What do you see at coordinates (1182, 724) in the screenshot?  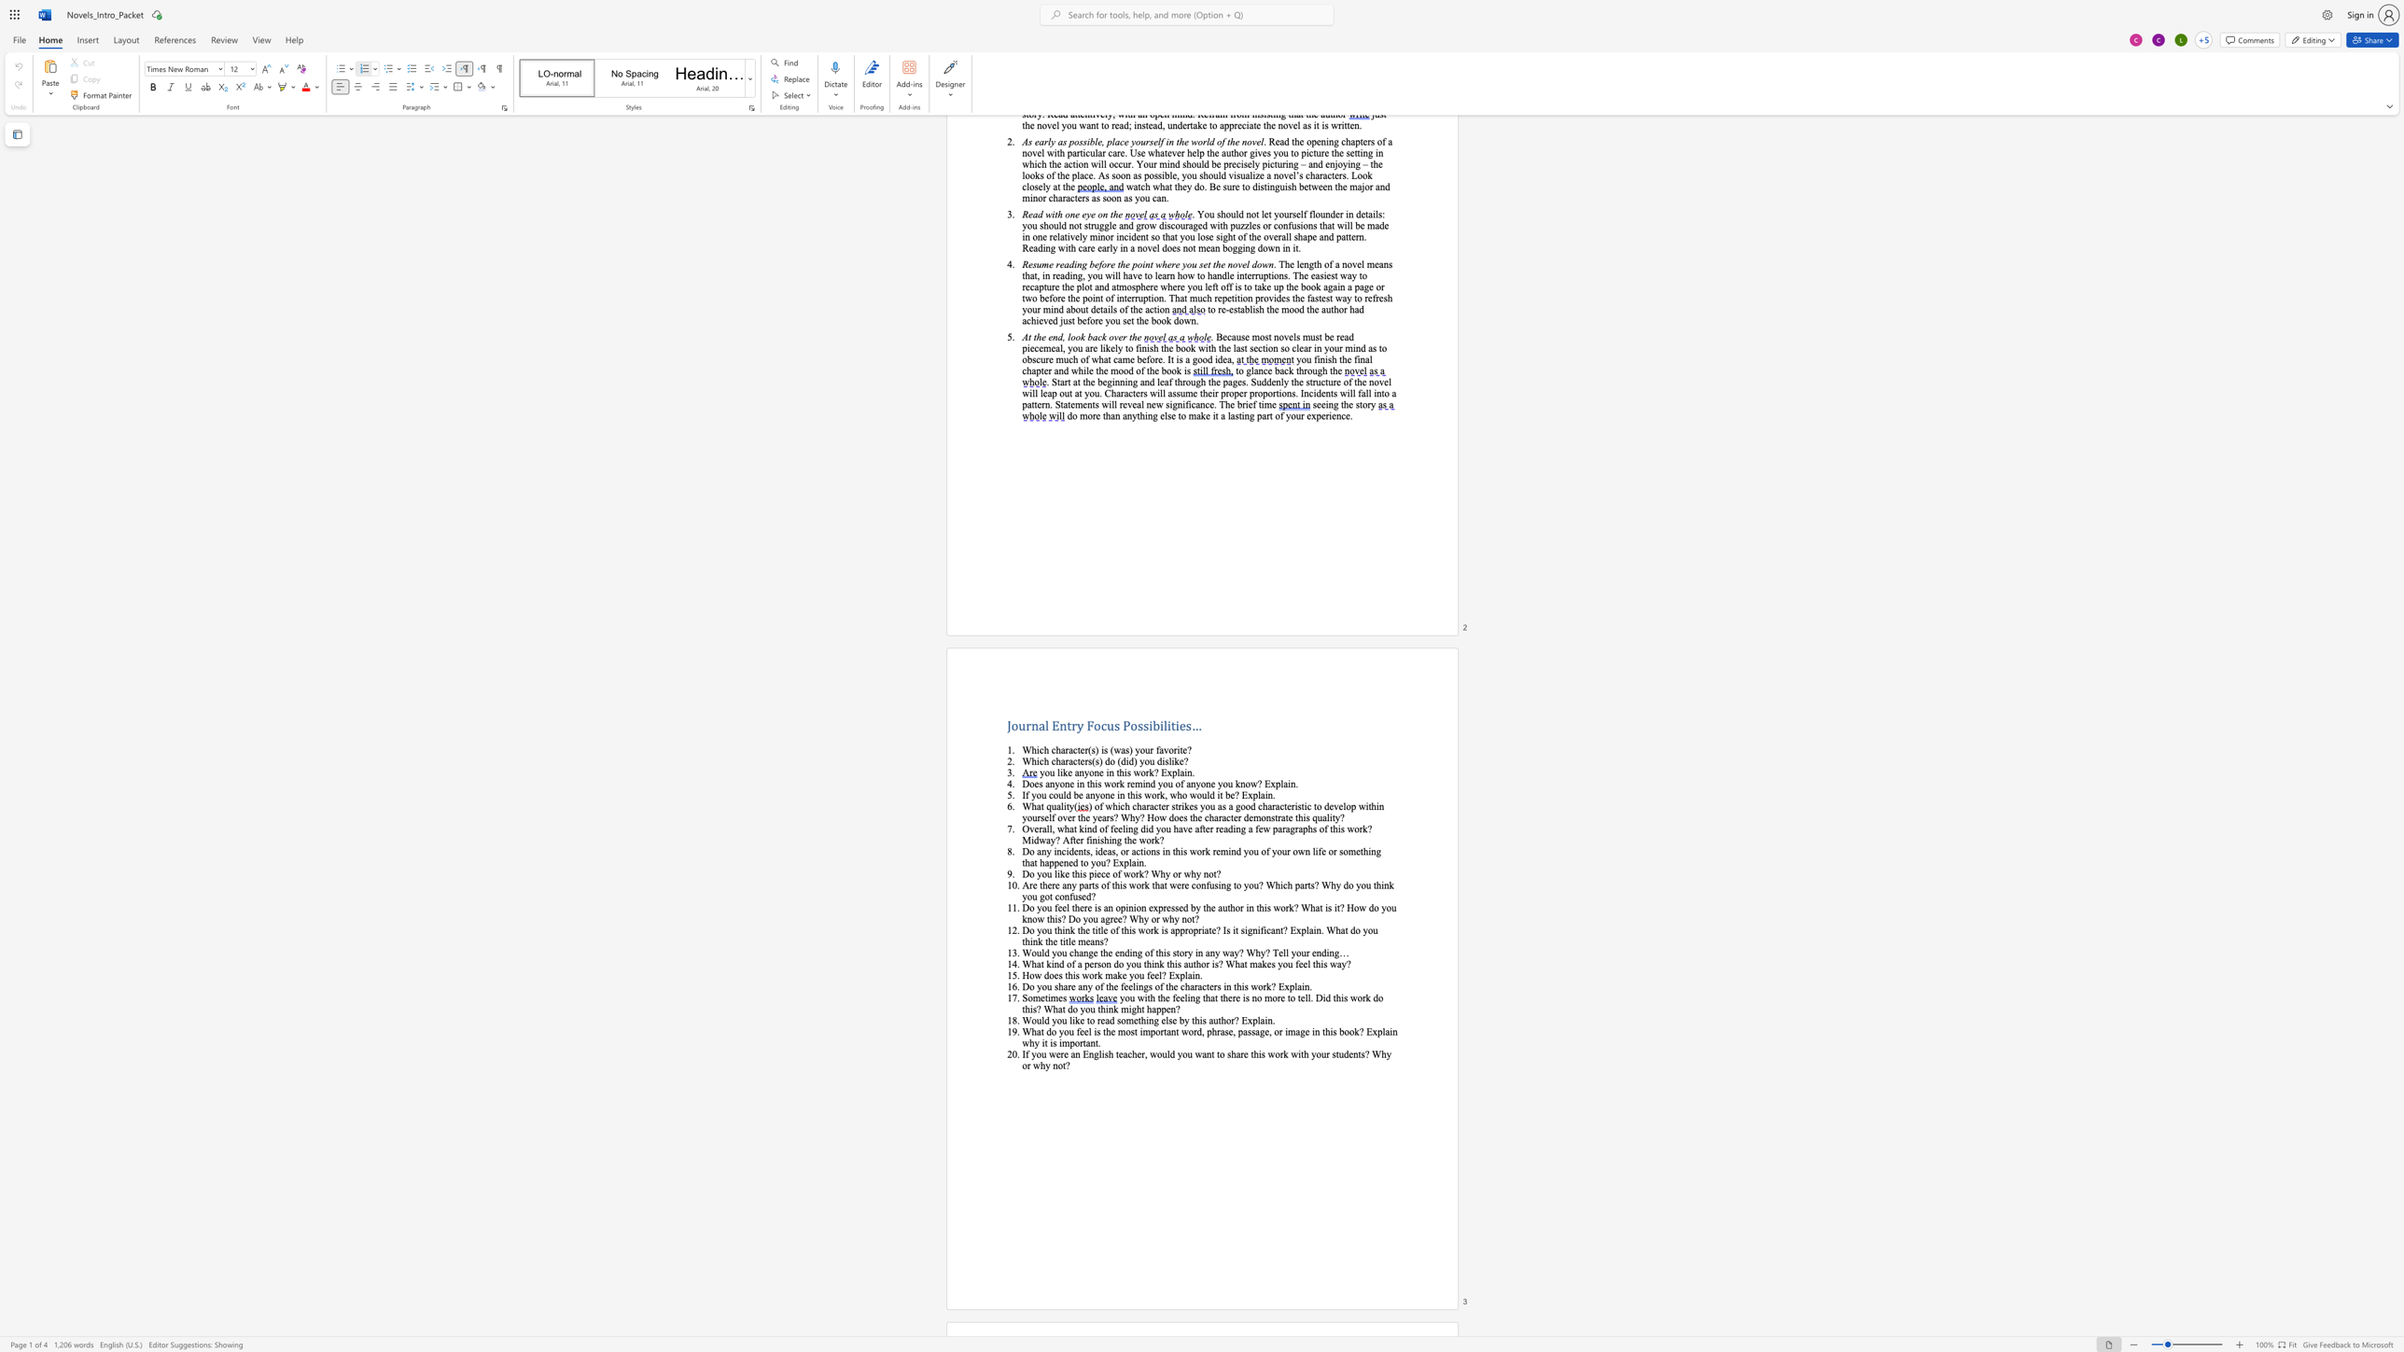 I see `the 1th character "e" in the text` at bounding box center [1182, 724].